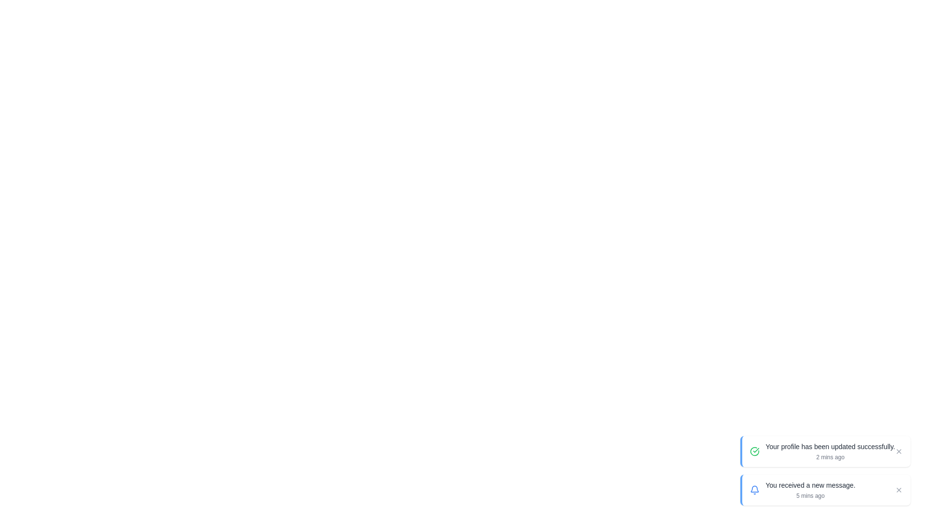 This screenshot has height=521, width=926. I want to click on the icon of the notification with the content 'Your profile has been updated successfully.', so click(754, 452).